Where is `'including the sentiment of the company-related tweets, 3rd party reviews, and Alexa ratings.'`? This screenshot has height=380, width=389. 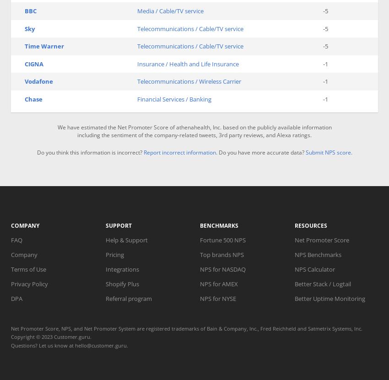
'including the sentiment of the company-related tweets, 3rd party reviews, and Alexa ratings.' is located at coordinates (77, 135).